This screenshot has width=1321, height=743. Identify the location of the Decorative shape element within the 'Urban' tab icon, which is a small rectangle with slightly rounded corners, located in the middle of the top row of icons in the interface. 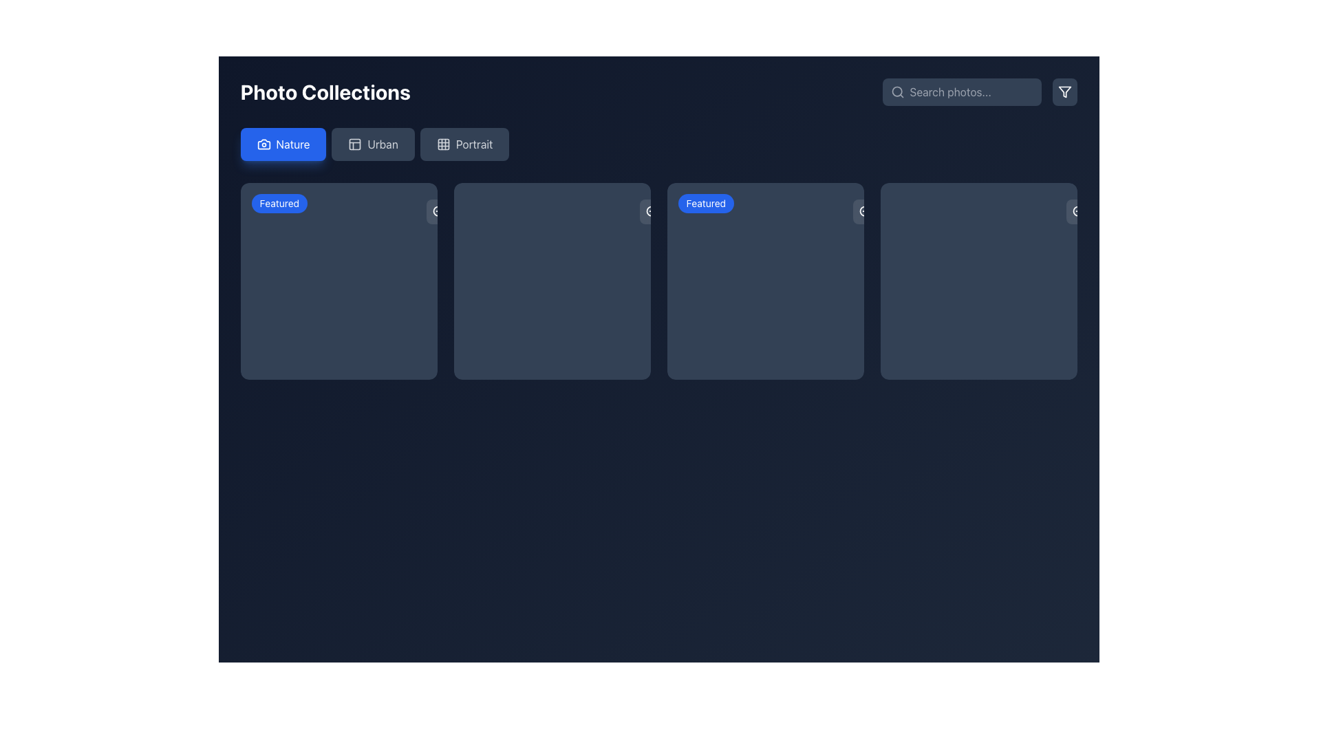
(355, 144).